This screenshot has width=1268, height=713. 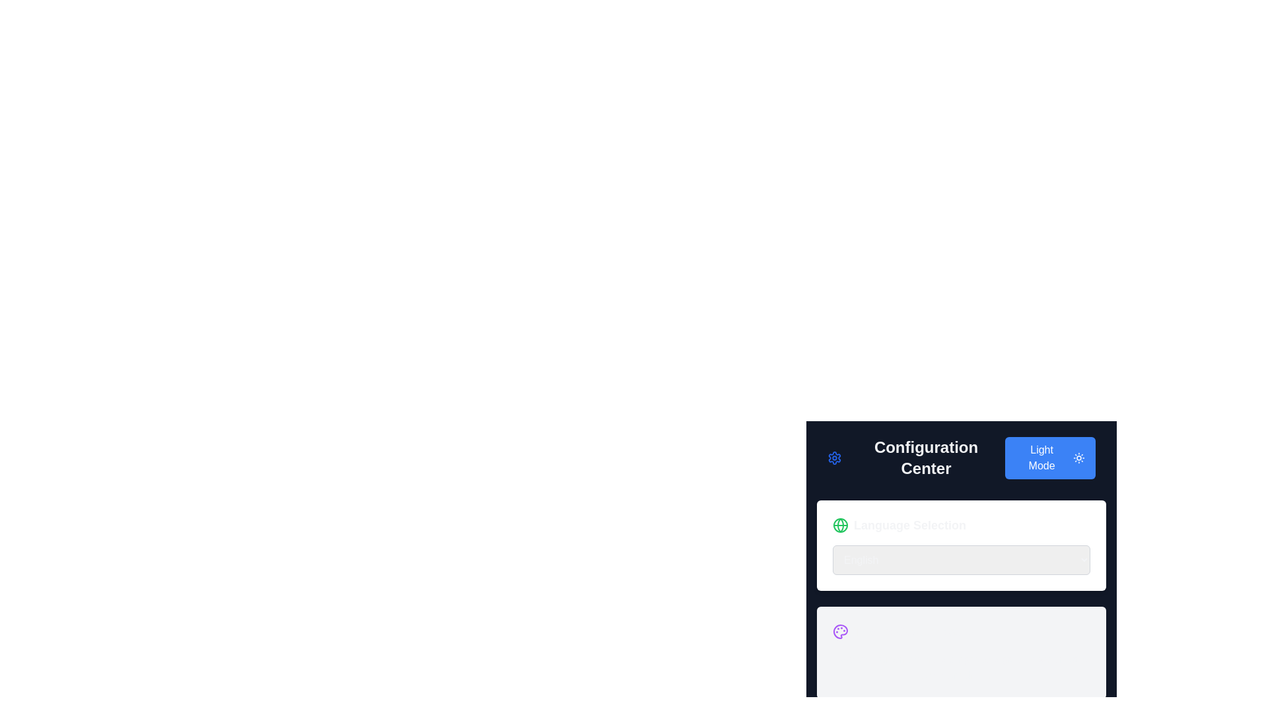 What do you see at coordinates (839, 524) in the screenshot?
I see `the circular green element that forms the outer border of the globe icon located in the upper left section of the language selection module in the Configuration Center panel` at bounding box center [839, 524].